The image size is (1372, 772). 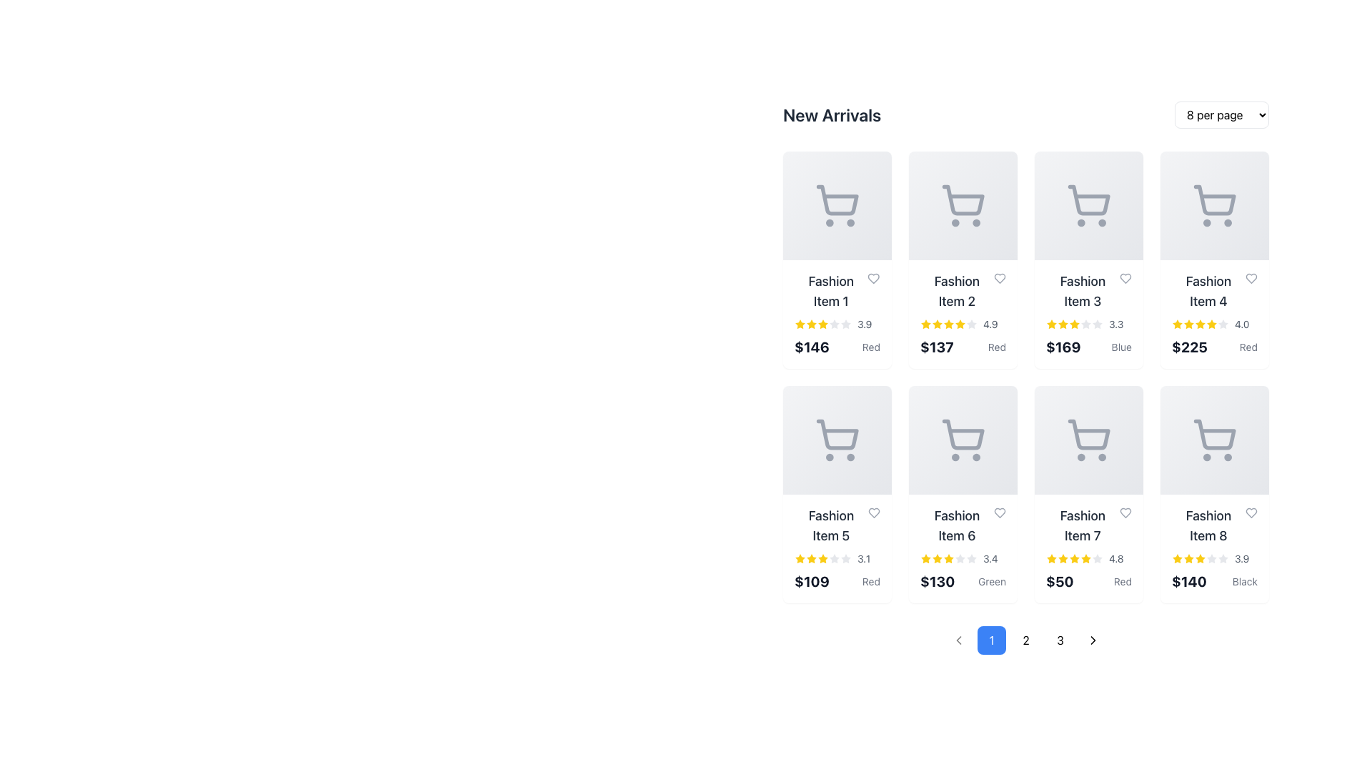 I want to click on the text label that serves as the title of the sixth item in the second row of the product grid, positioned below 'Fashion Item 5' and to the left of 'Fashion Item 7', so click(x=957, y=526).